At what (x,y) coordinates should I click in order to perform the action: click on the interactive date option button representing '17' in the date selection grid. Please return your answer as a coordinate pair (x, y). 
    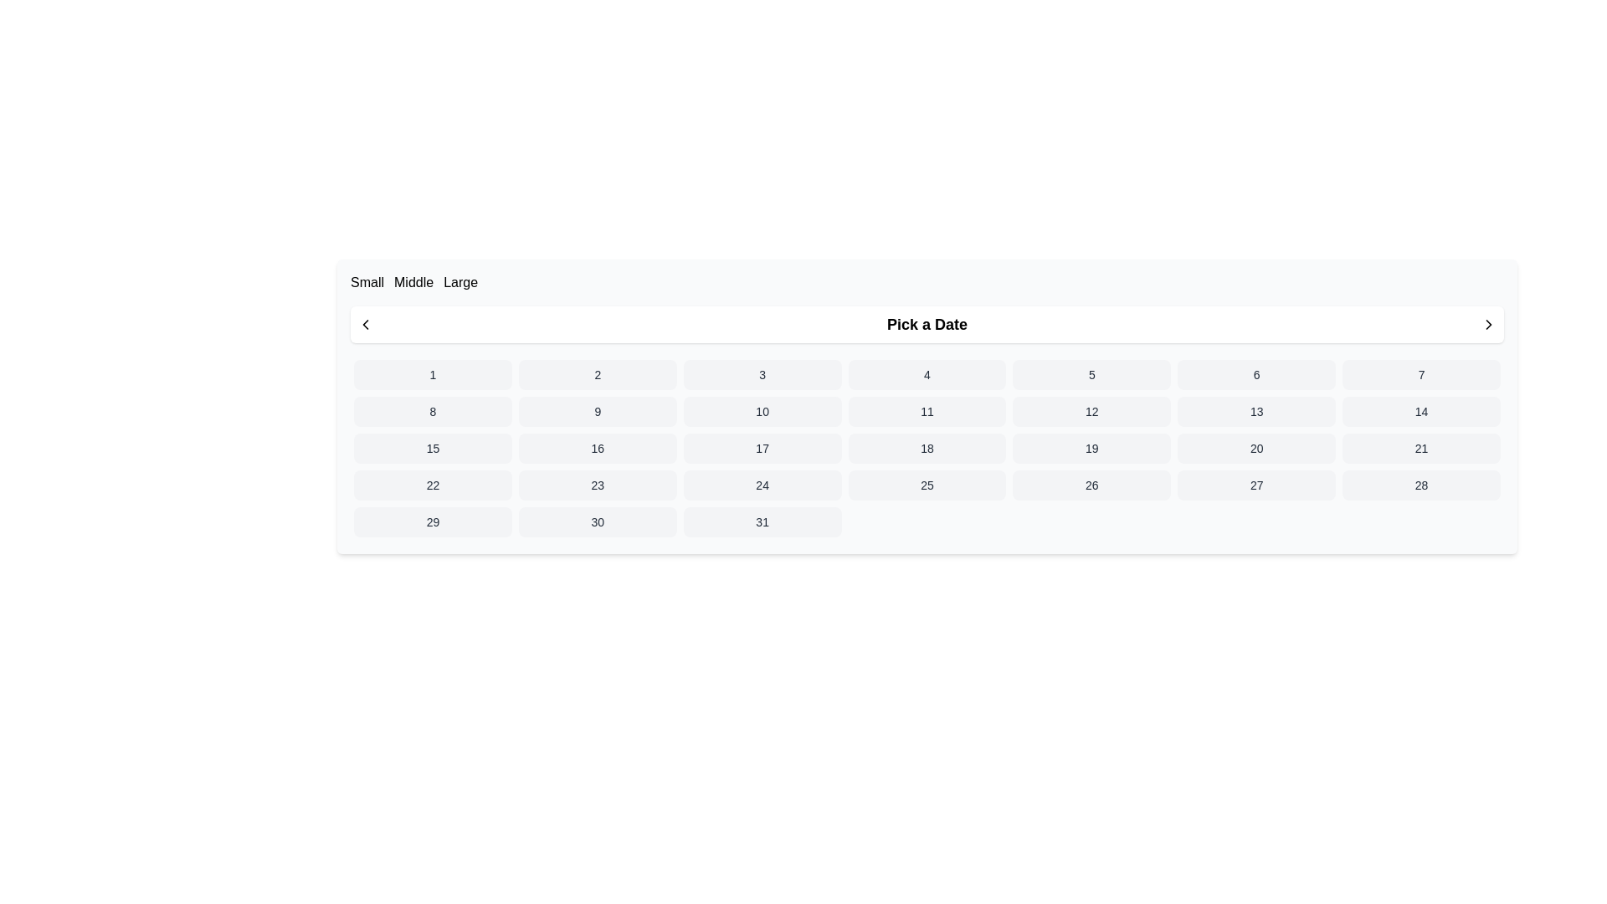
    Looking at the image, I should click on (762, 448).